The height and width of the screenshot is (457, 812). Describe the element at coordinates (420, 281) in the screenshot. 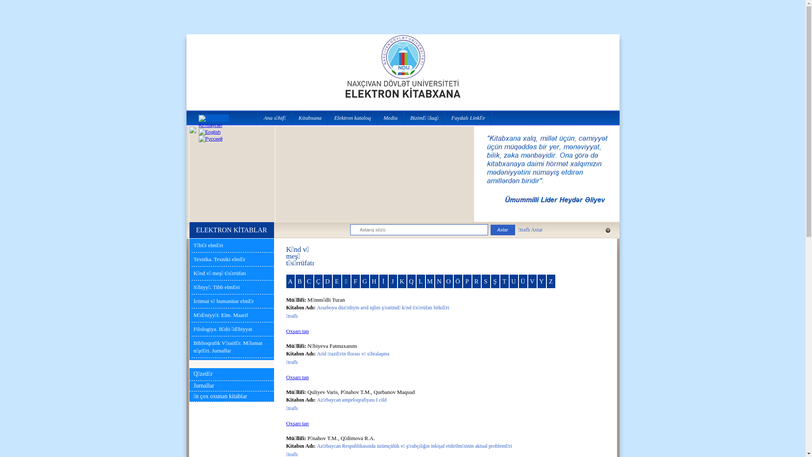

I see `'L'` at that location.